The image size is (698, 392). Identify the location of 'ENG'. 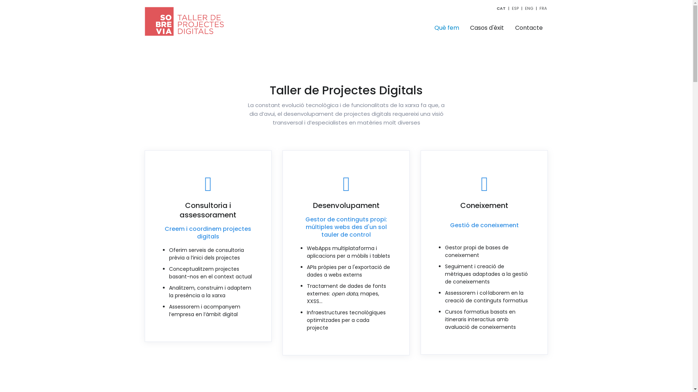
(525, 8).